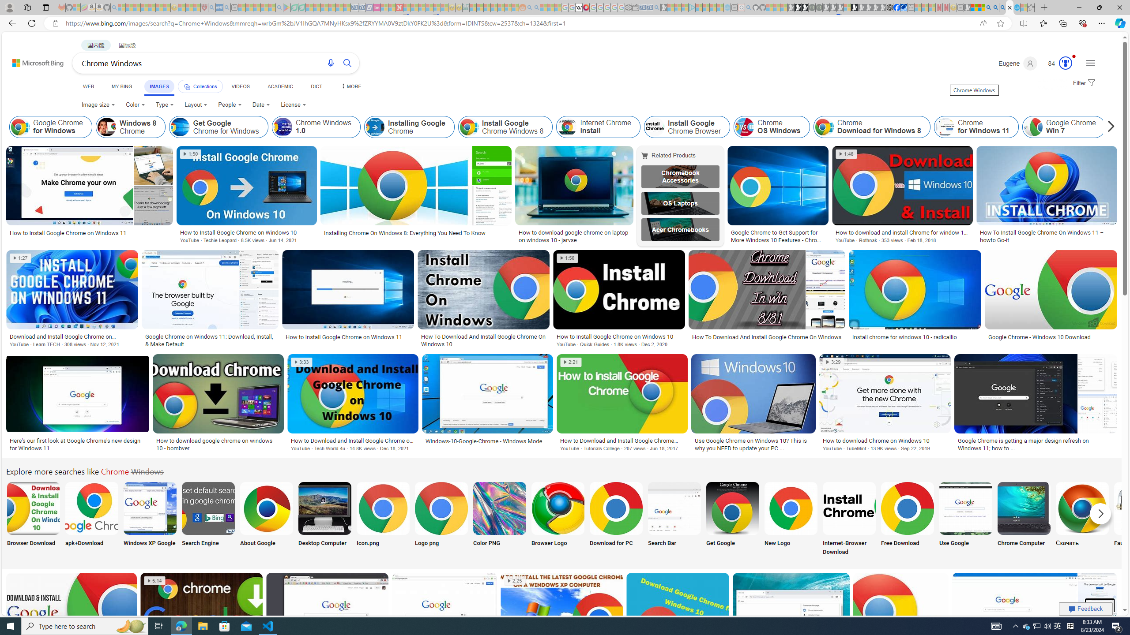 The width and height of the screenshot is (1130, 635). I want to click on 'Class: item col', so click(1130, 127).